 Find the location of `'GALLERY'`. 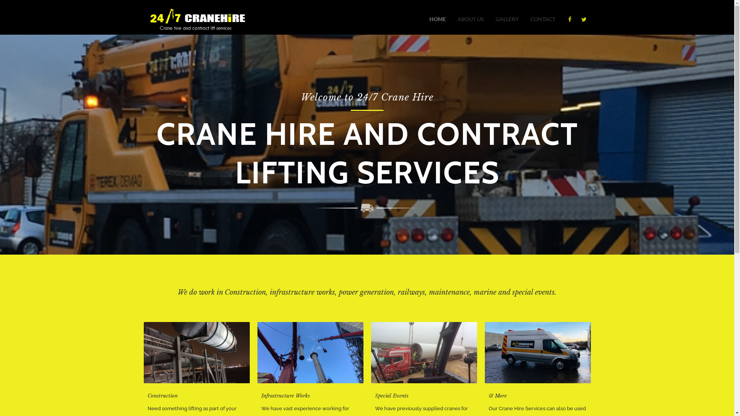

'GALLERY' is located at coordinates (496, 19).